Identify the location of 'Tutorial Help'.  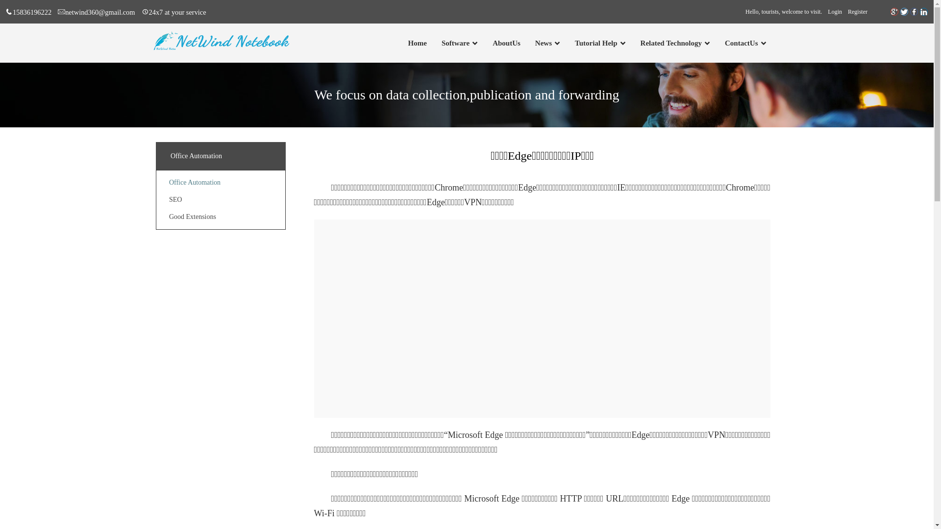
(595, 43).